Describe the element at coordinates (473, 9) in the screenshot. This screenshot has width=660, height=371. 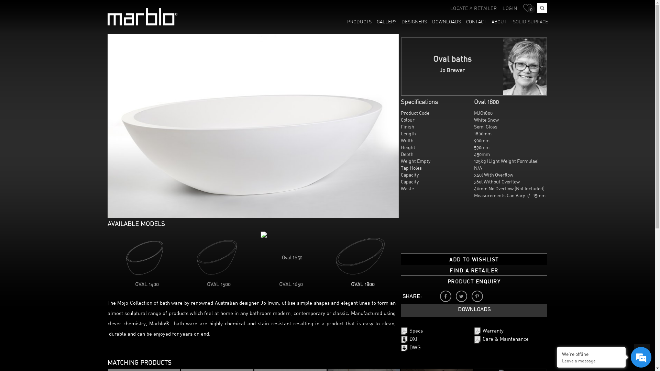
I see `'LOCATE A RETAILER'` at that location.